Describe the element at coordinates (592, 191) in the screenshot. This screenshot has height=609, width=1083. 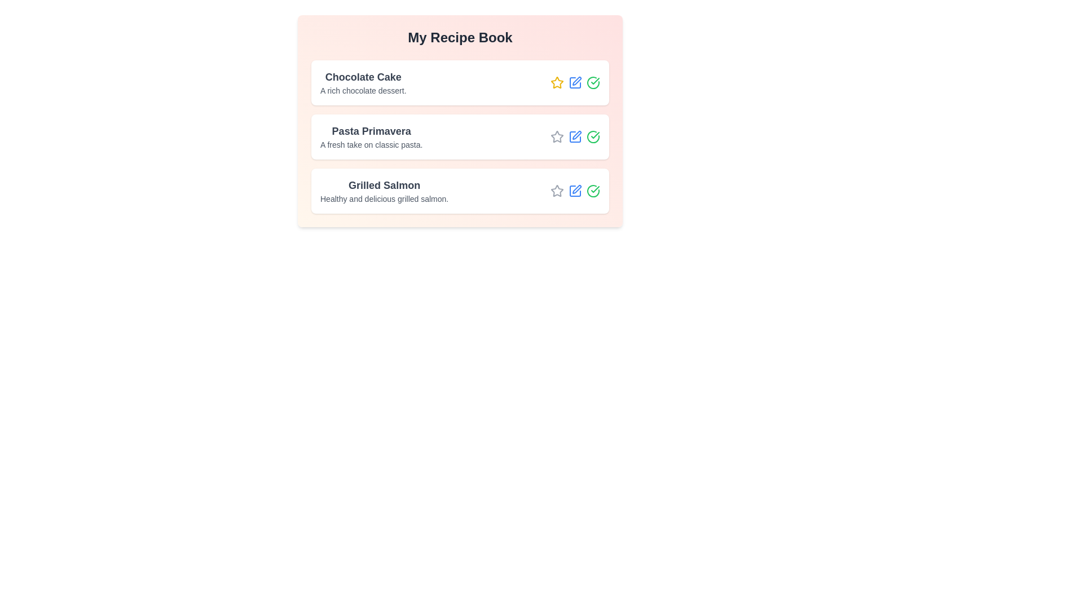
I see `checkmark icon for the recipe titled Grilled Salmon to mark it as completed` at that location.